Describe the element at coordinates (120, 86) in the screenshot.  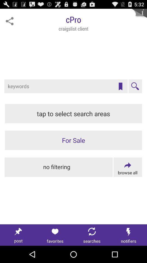
I see `bookmark` at that location.